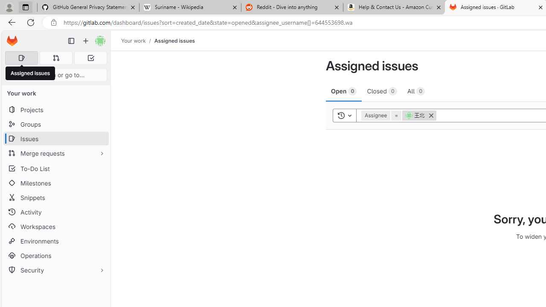 The width and height of the screenshot is (546, 307). I want to click on 'To-Do List', so click(55, 168).